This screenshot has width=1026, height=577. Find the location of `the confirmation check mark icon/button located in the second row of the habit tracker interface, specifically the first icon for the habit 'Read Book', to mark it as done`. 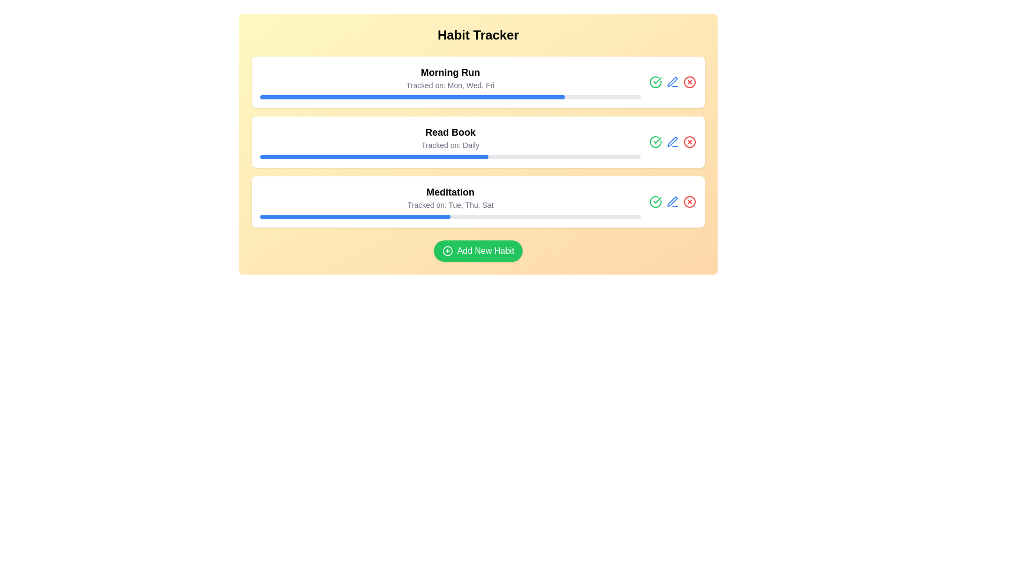

the confirmation check mark icon/button located in the second row of the habit tracker interface, specifically the first icon for the habit 'Read Book', to mark it as done is located at coordinates (655, 82).